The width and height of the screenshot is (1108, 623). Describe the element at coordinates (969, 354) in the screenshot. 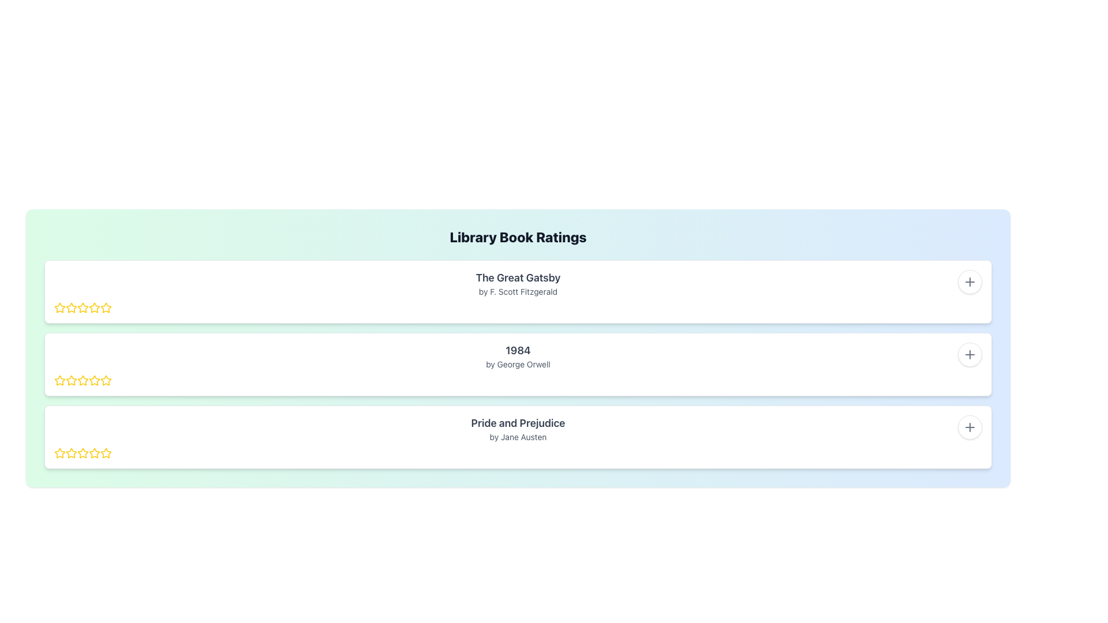

I see `the Plus Symbol icon located inside the white circular button at the top-right corner of the second row item for the book '1984 by George Orwell'` at that location.